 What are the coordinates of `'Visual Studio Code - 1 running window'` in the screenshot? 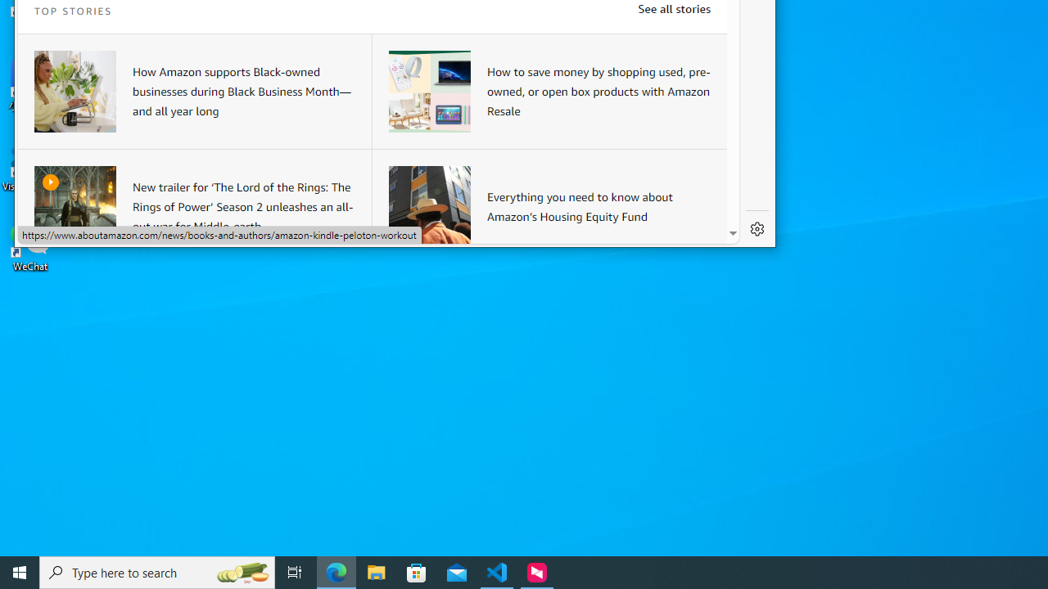 It's located at (496, 571).